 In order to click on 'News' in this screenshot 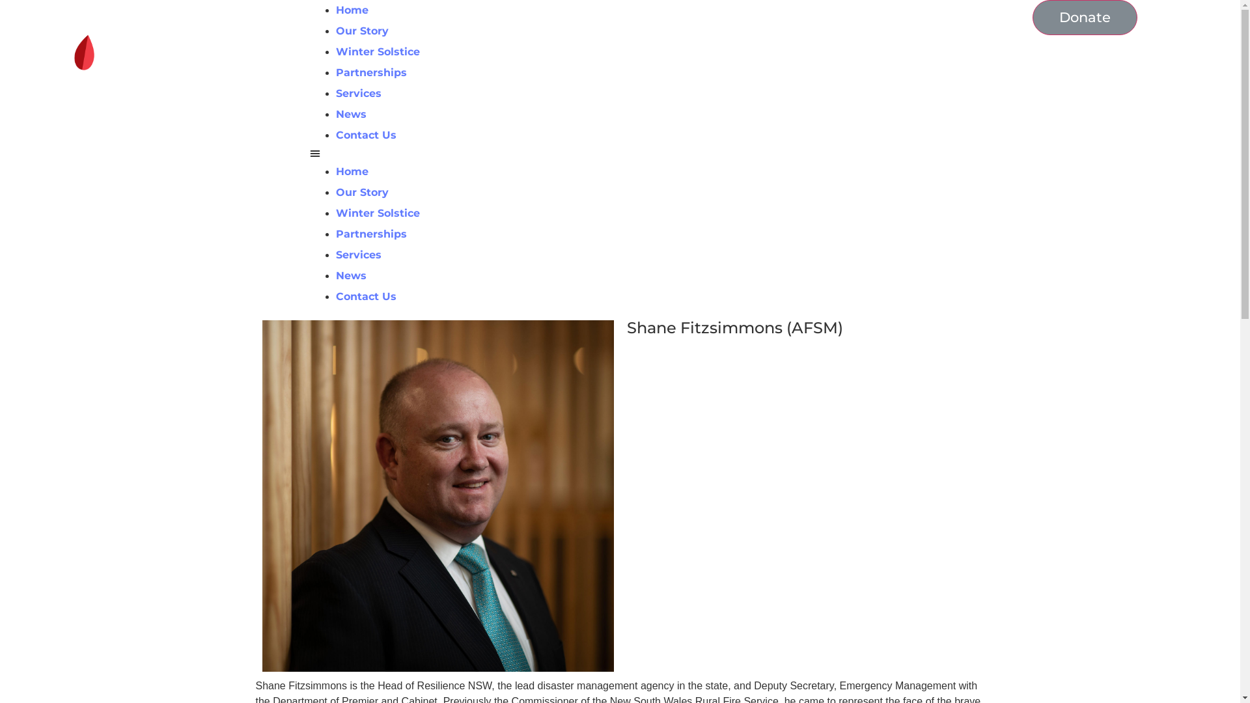, I will do `click(335, 275)`.